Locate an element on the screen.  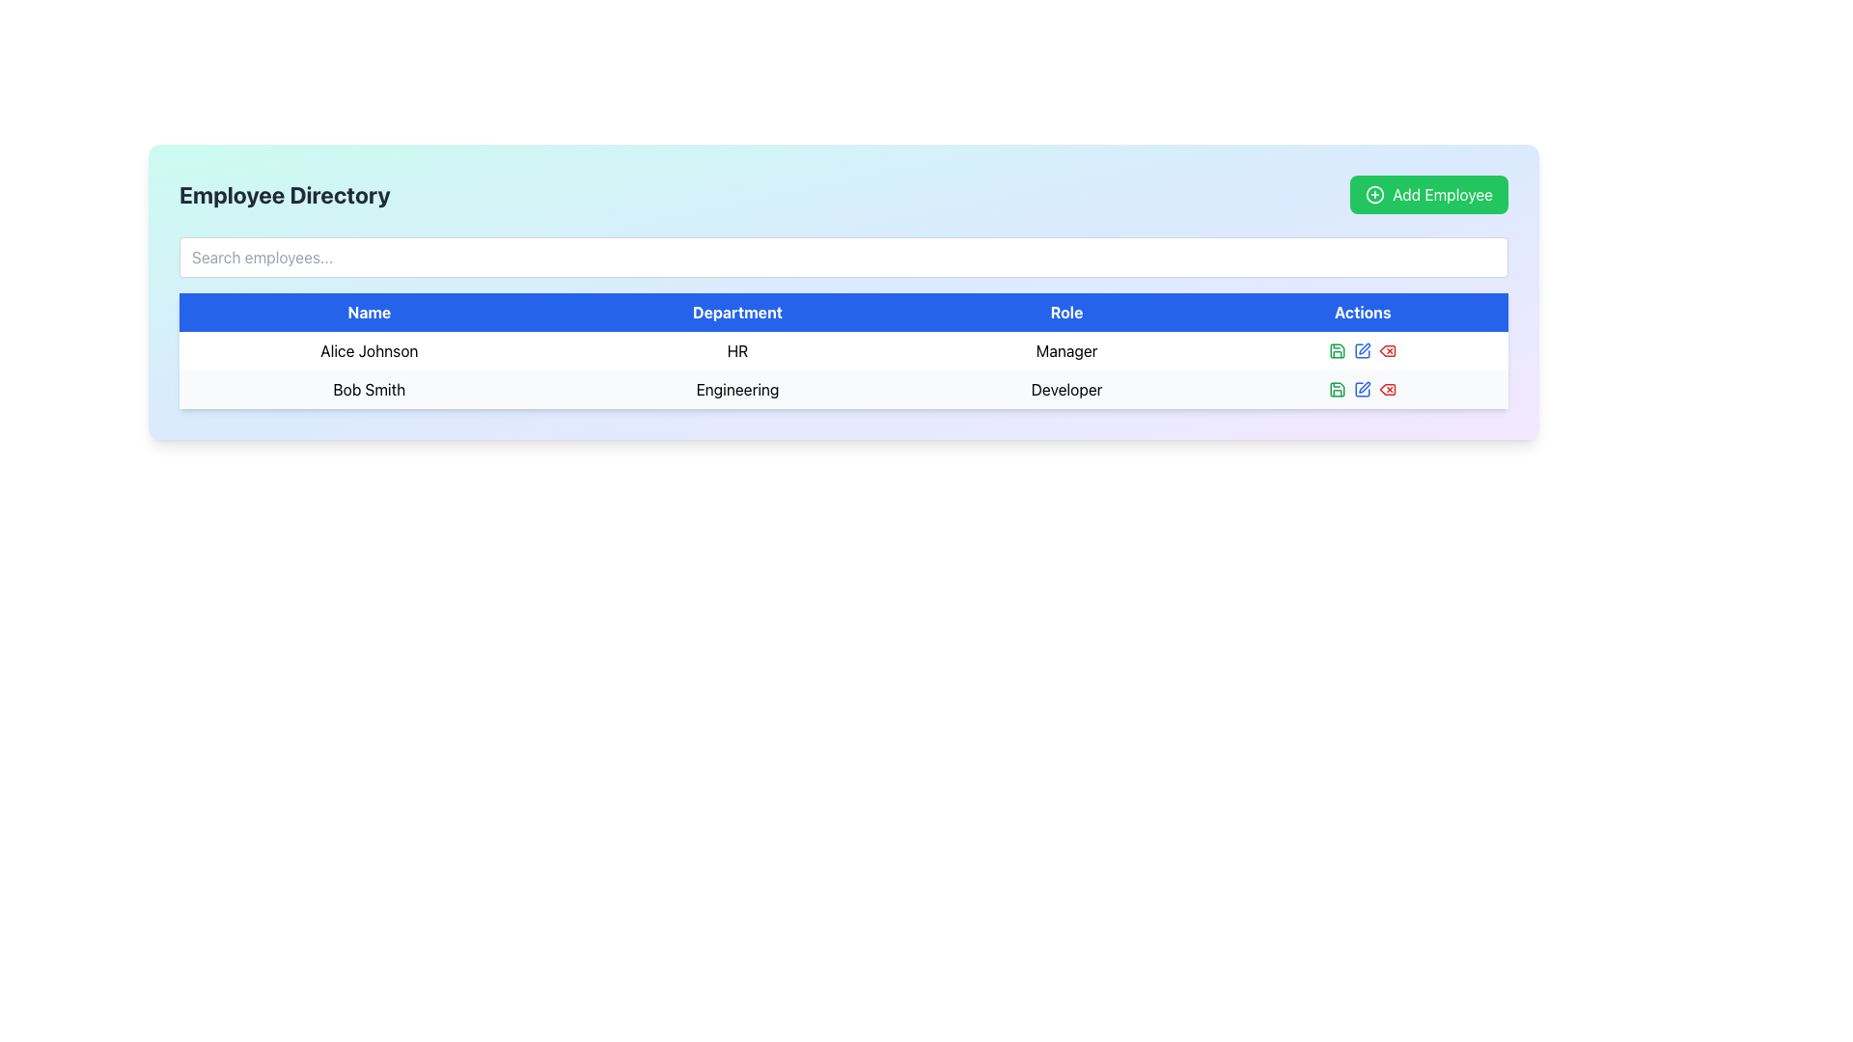
the small red delete icon shaped like a trash can, located under the 'Actions' column in the row for the 'Manager' role is located at coordinates (1387, 350).